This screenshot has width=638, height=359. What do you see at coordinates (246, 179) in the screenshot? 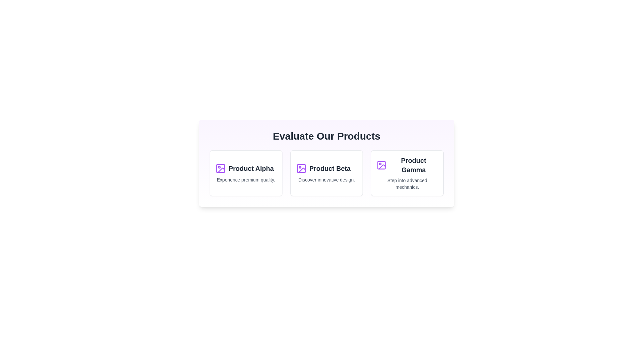
I see `the static text label that reads 'Experience premium quality.' which is located at the bottom of the 'Product Alpha' card, directly beneath the title and centered horizontally` at bounding box center [246, 179].